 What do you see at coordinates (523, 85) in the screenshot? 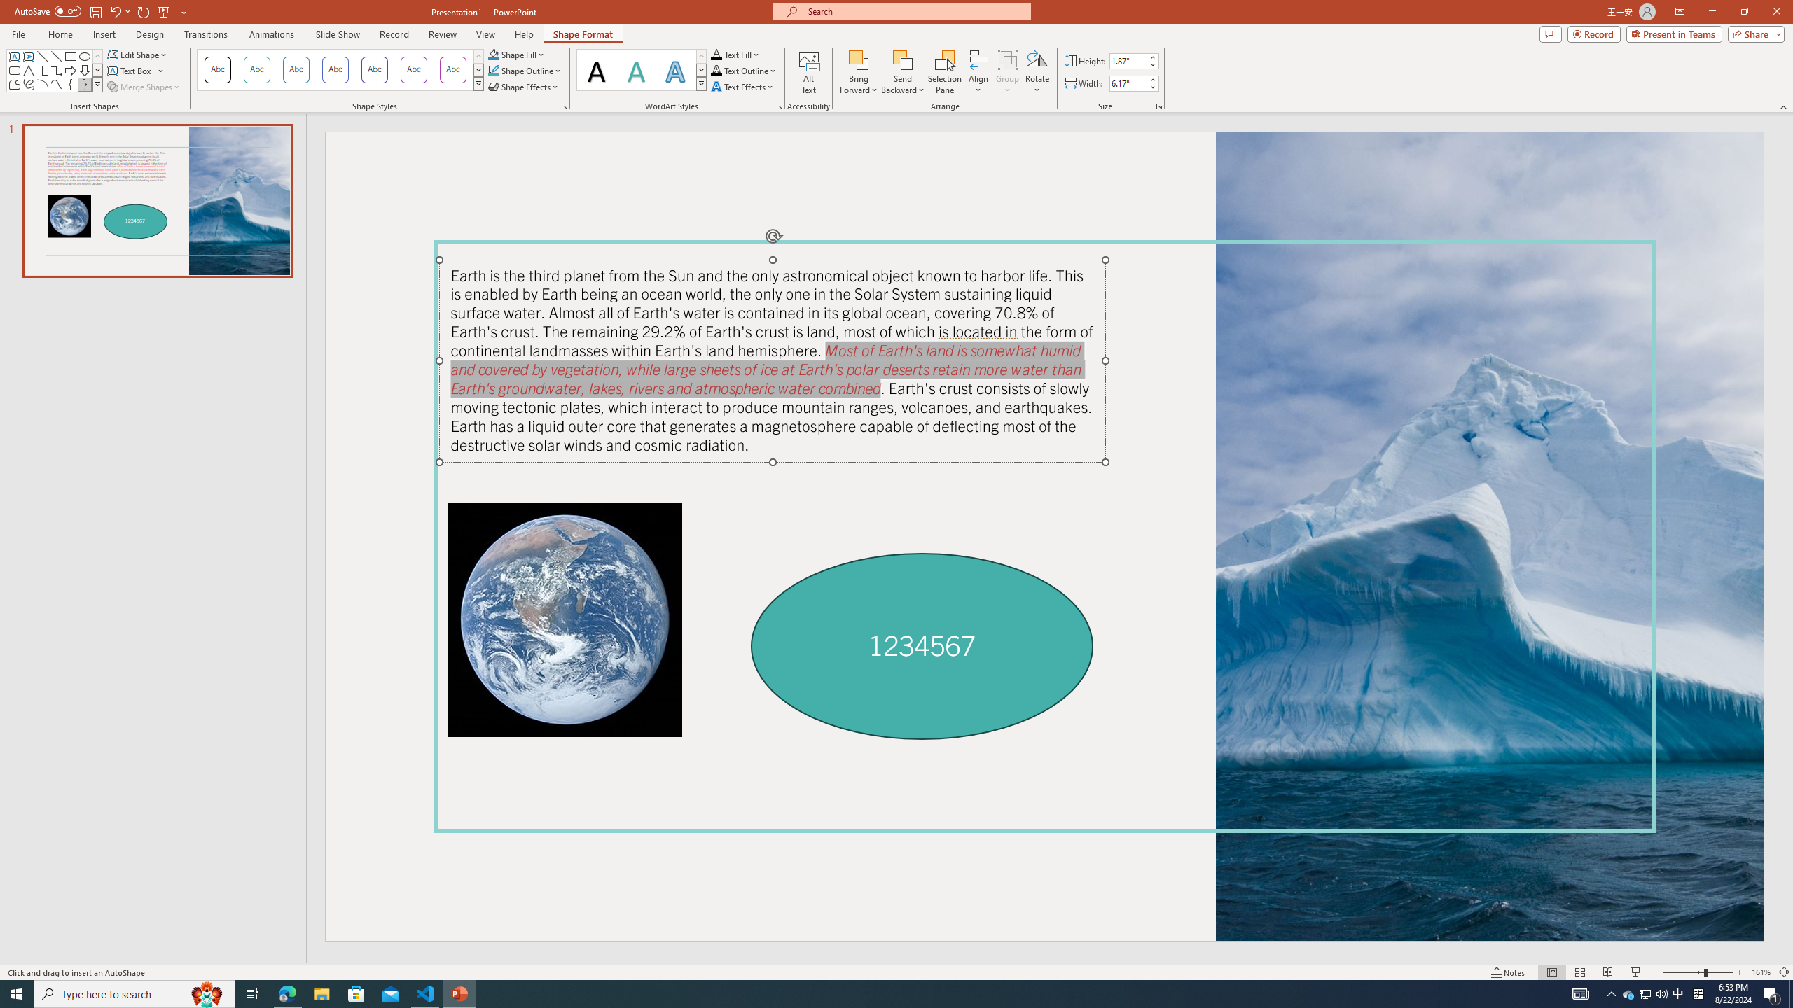
I see `'Shape Effects'` at bounding box center [523, 85].